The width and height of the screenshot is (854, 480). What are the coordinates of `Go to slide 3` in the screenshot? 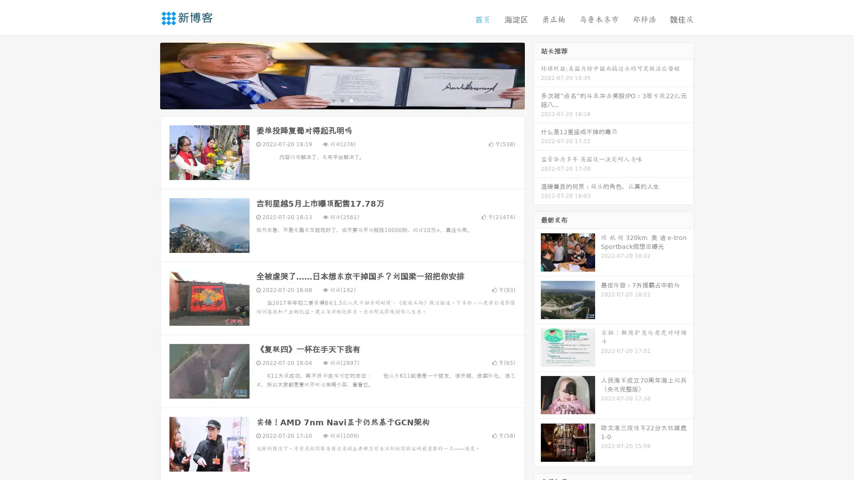 It's located at (351, 100).